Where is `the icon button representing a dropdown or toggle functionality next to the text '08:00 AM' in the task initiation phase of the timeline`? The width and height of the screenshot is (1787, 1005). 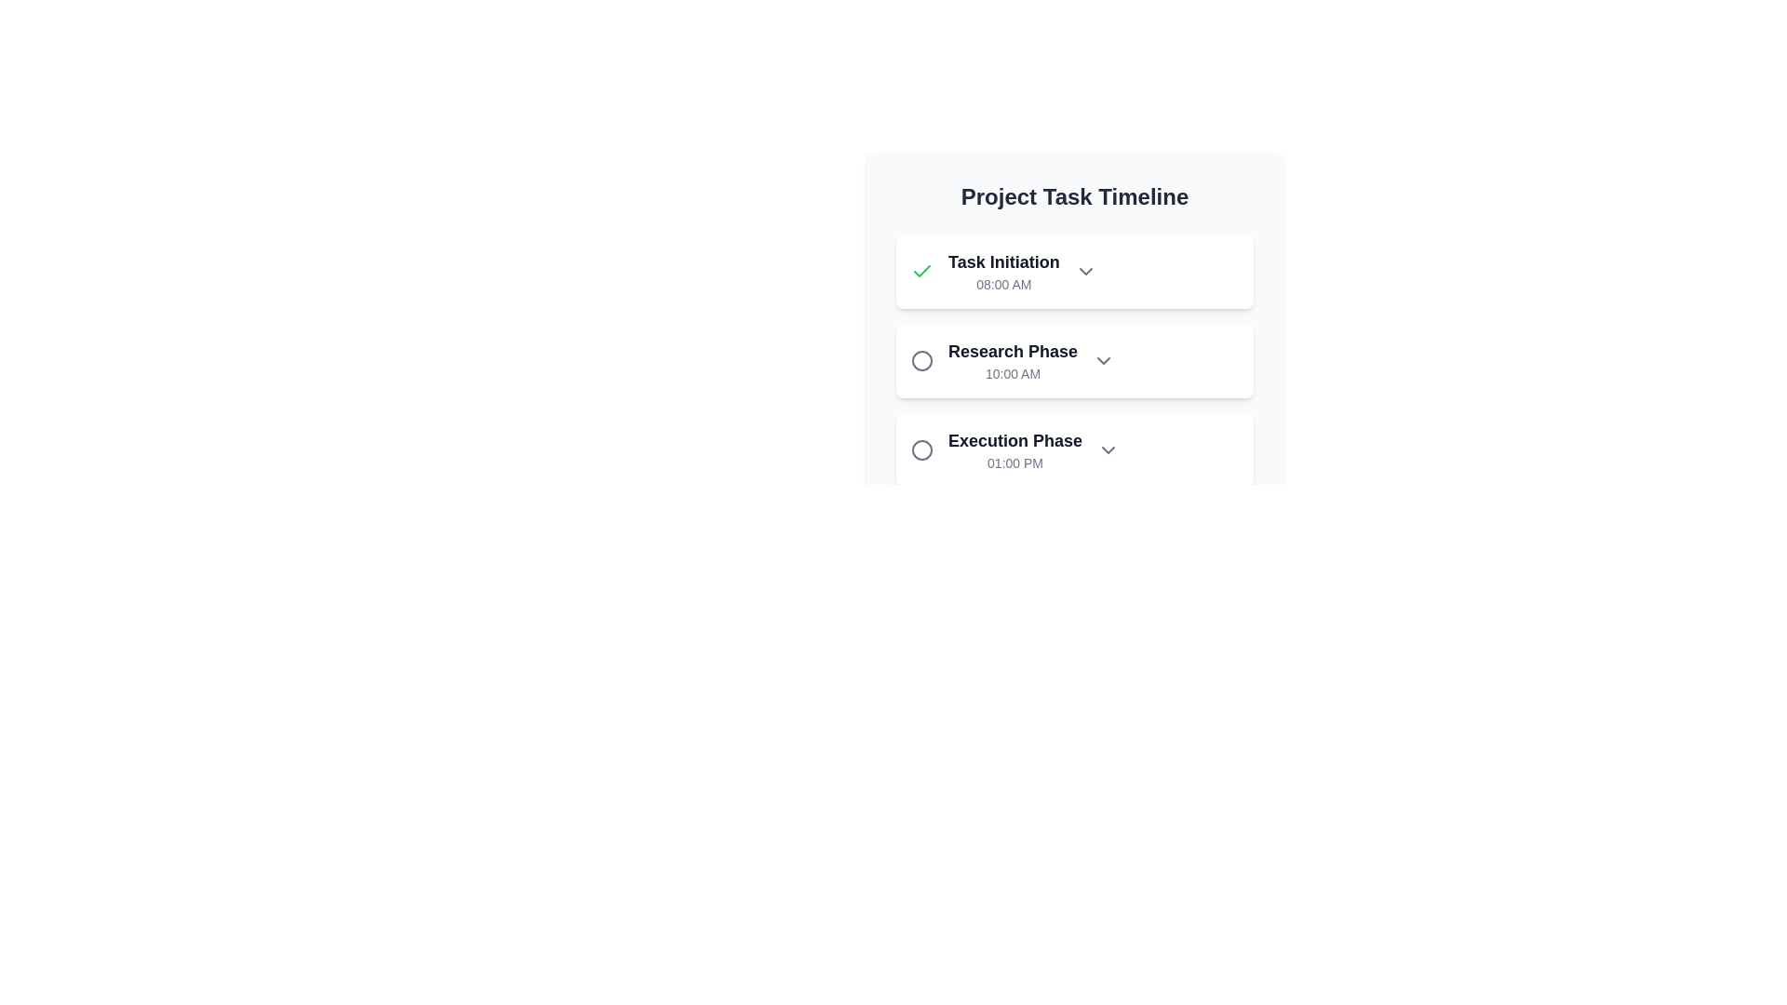 the icon button representing a dropdown or toggle functionality next to the text '08:00 AM' in the task initiation phase of the timeline is located at coordinates (1085, 272).